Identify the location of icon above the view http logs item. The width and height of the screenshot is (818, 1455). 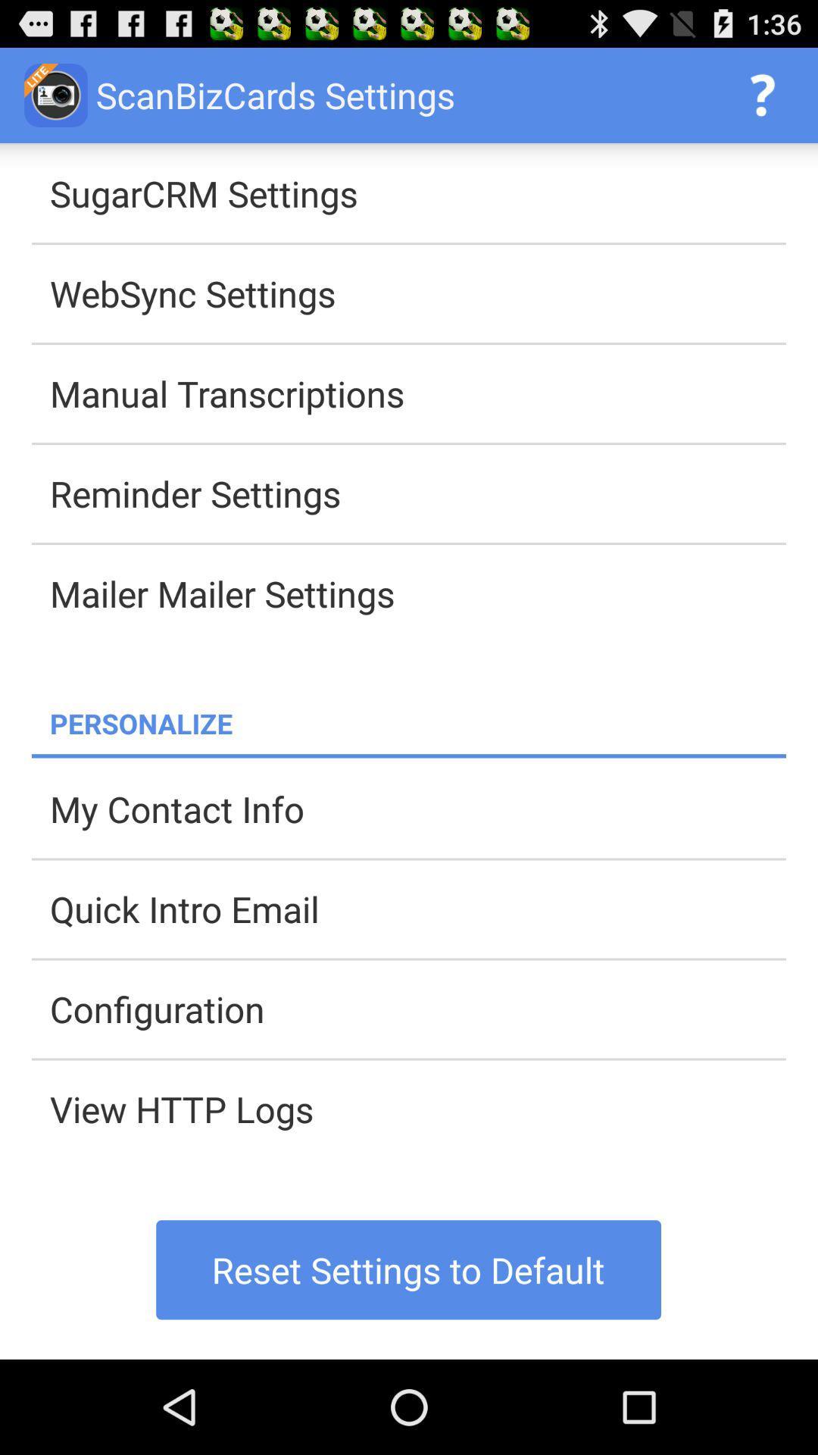
(417, 1009).